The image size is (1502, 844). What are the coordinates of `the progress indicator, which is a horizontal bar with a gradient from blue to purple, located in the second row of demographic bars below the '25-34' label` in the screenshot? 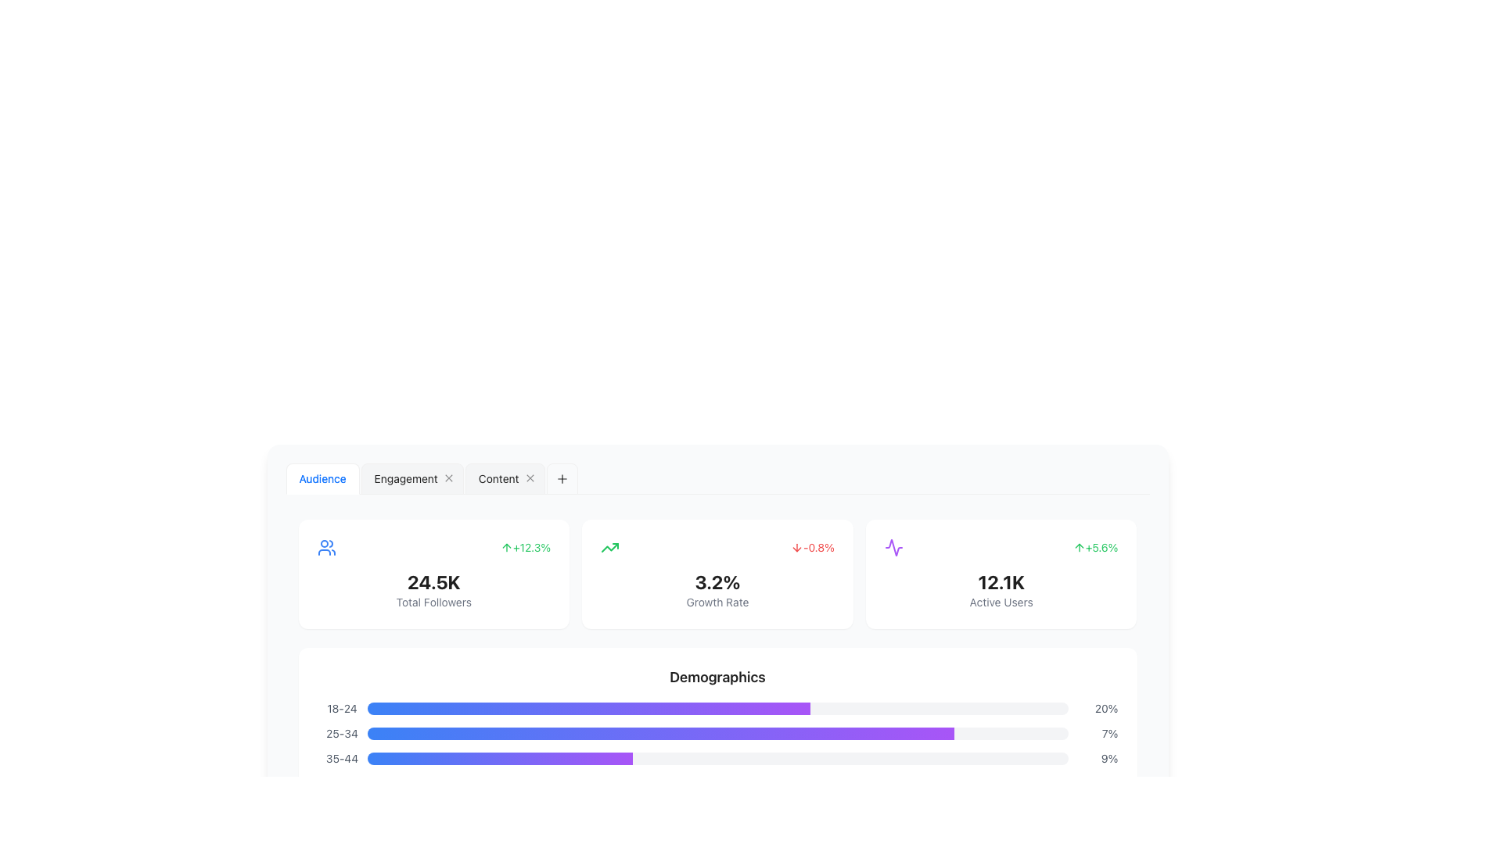 It's located at (660, 733).